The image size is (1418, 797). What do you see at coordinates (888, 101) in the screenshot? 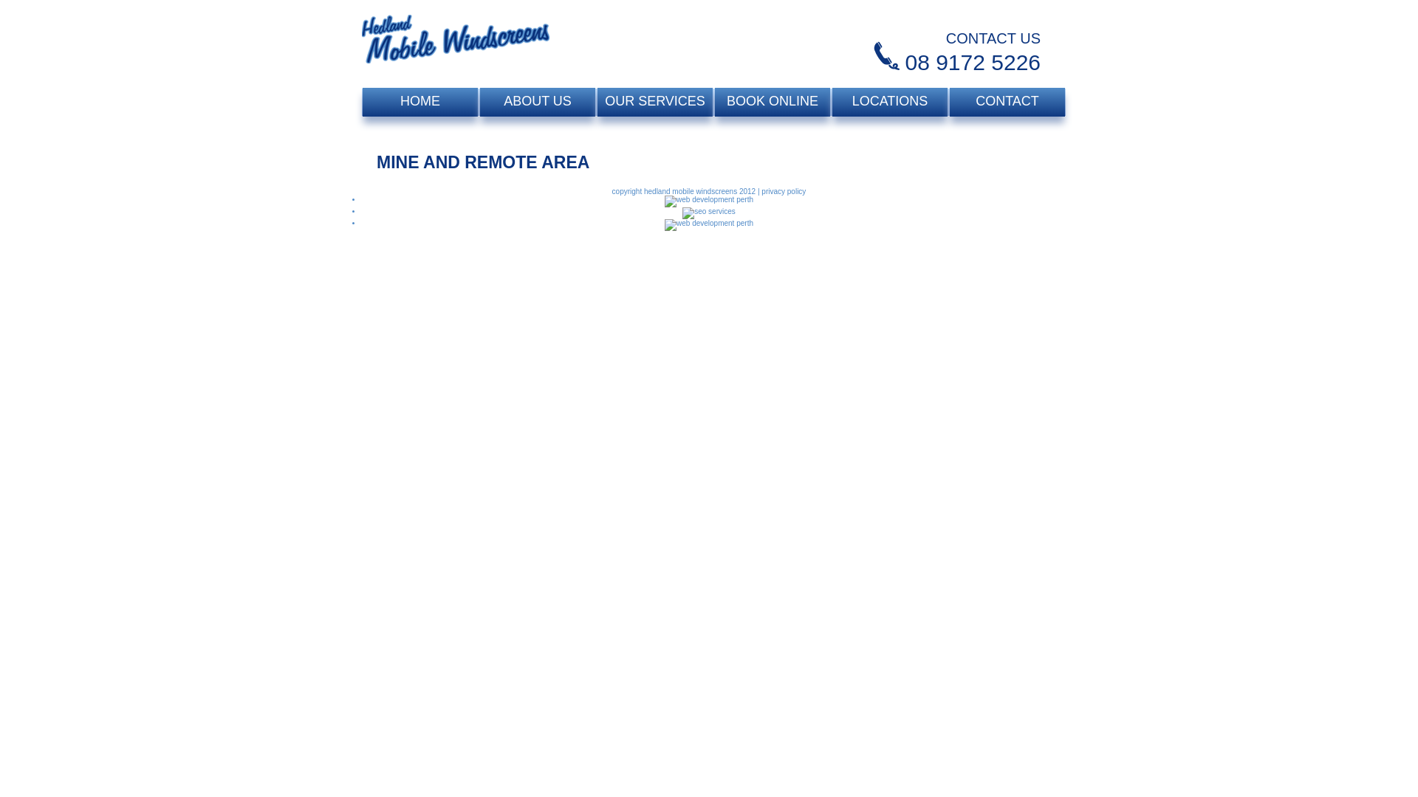
I see `'LOCATIONS'` at bounding box center [888, 101].